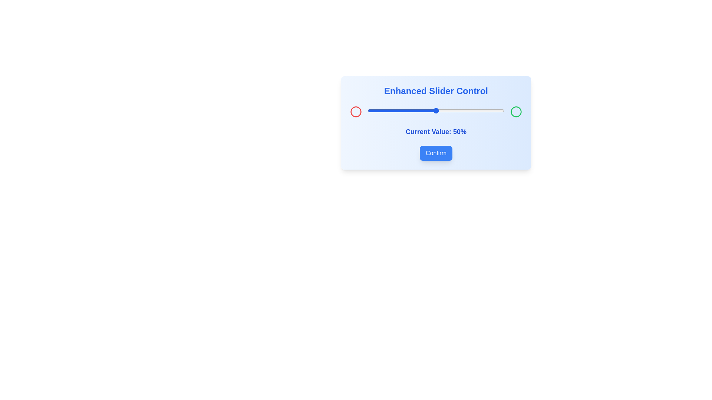 This screenshot has height=400, width=712. What do you see at coordinates (436, 153) in the screenshot?
I see `the confirmation button located below the text 'Current Value: 50%' to confirm or submit` at bounding box center [436, 153].